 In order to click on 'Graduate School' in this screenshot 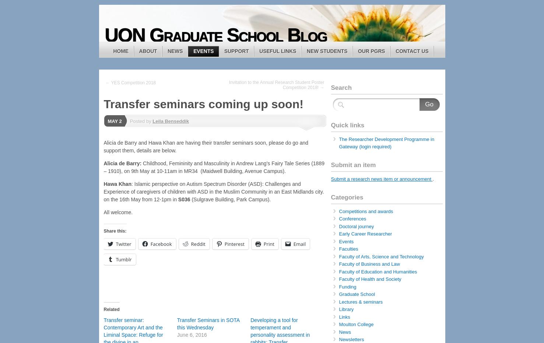, I will do `click(357, 294)`.